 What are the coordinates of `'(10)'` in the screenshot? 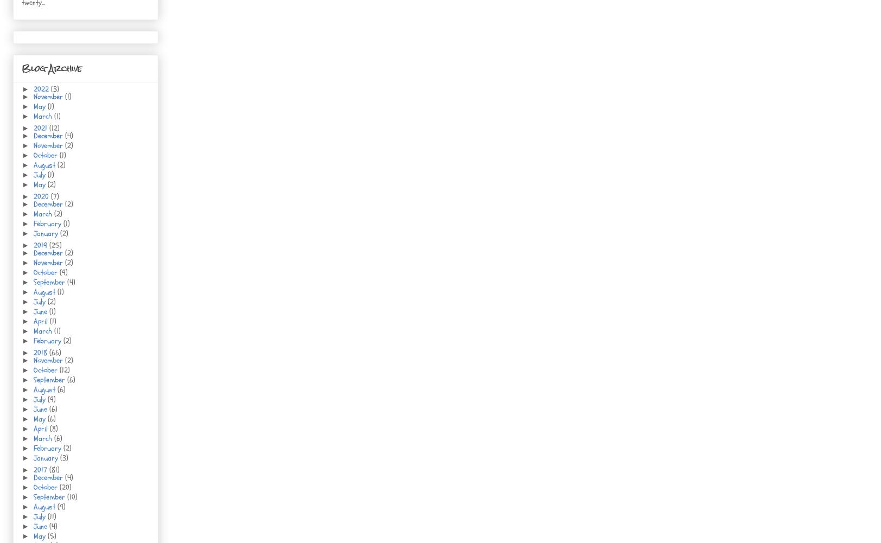 It's located at (72, 497).